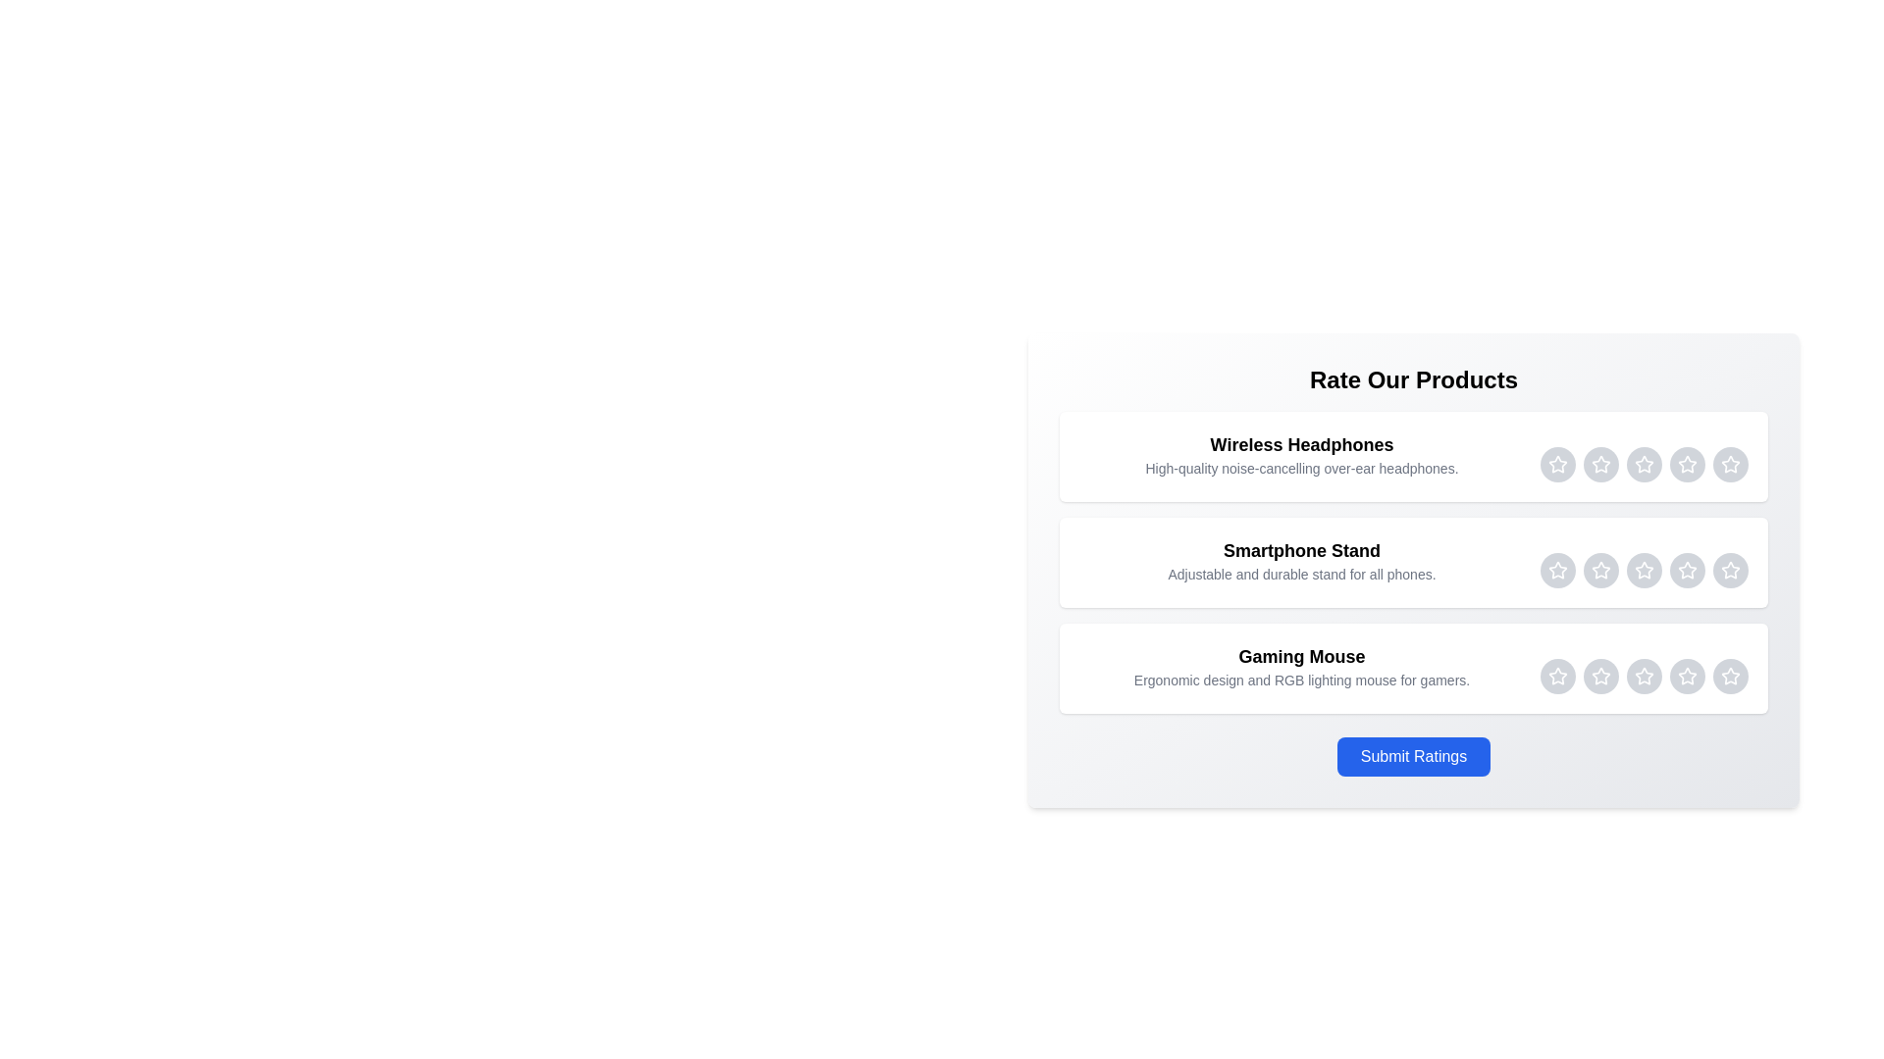 The width and height of the screenshot is (1884, 1059). What do you see at coordinates (1601, 571) in the screenshot?
I see `the Smartphone Stand rating star 2` at bounding box center [1601, 571].